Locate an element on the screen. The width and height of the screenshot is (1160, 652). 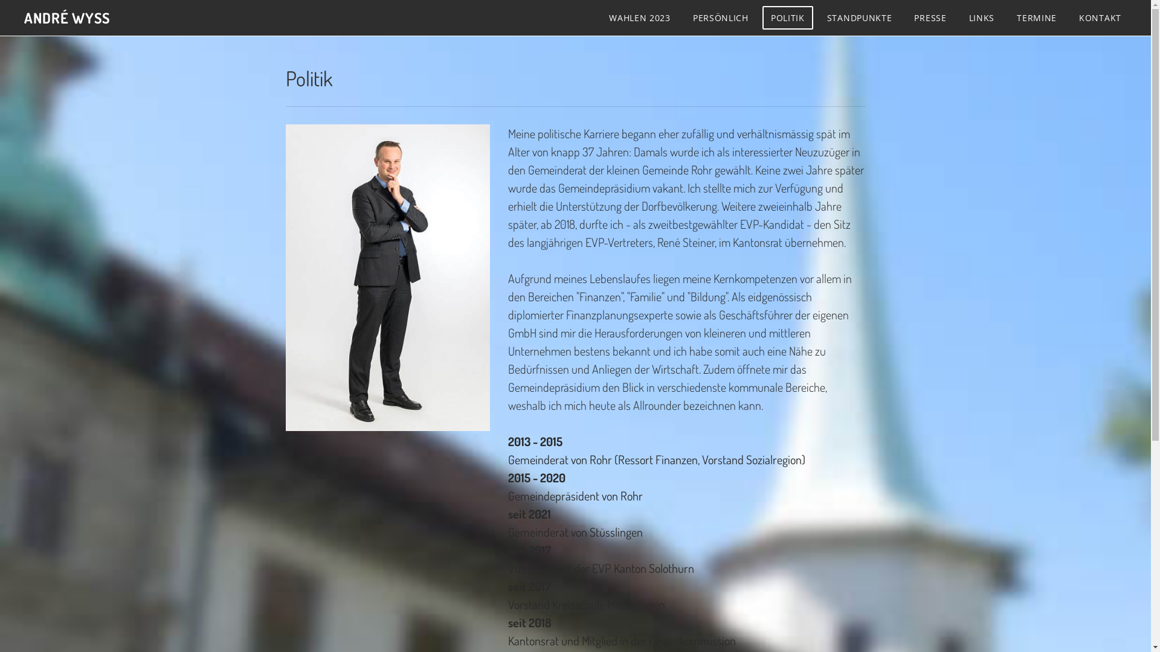
'LINKS' is located at coordinates (982, 18).